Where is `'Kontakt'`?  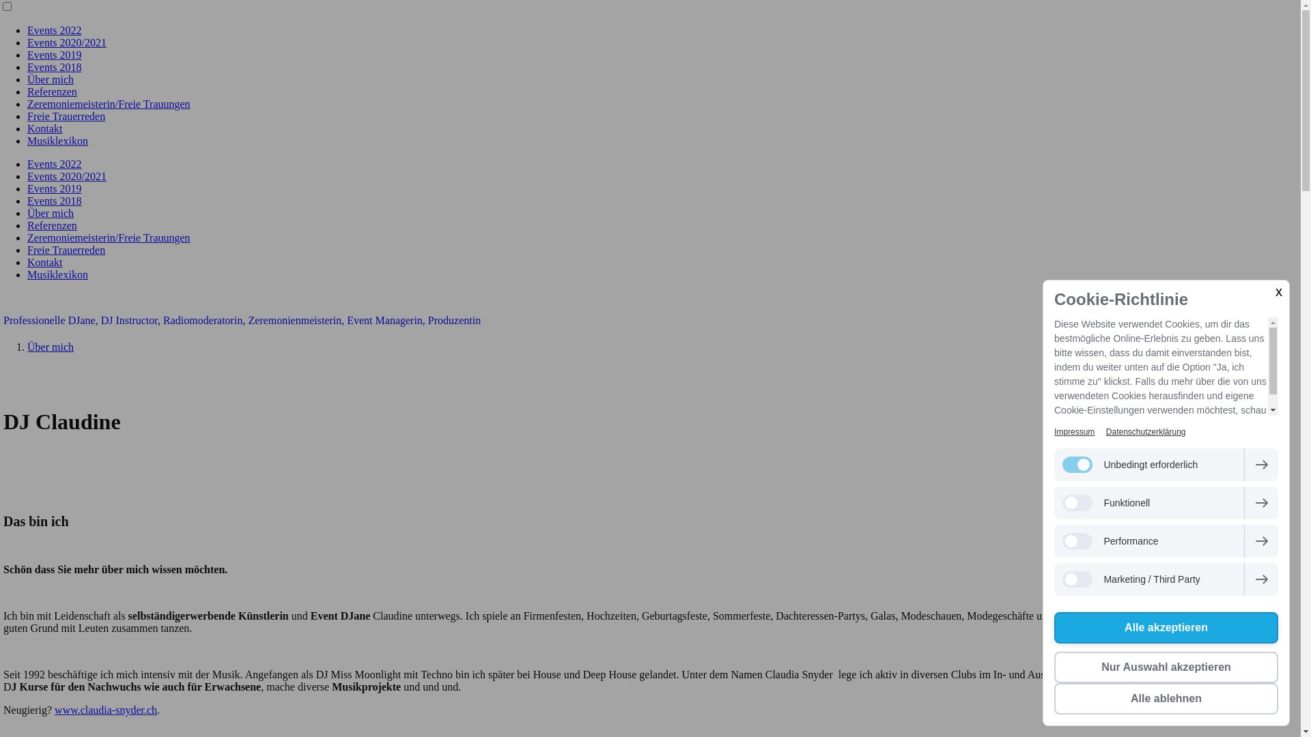
'Kontakt' is located at coordinates (45, 128).